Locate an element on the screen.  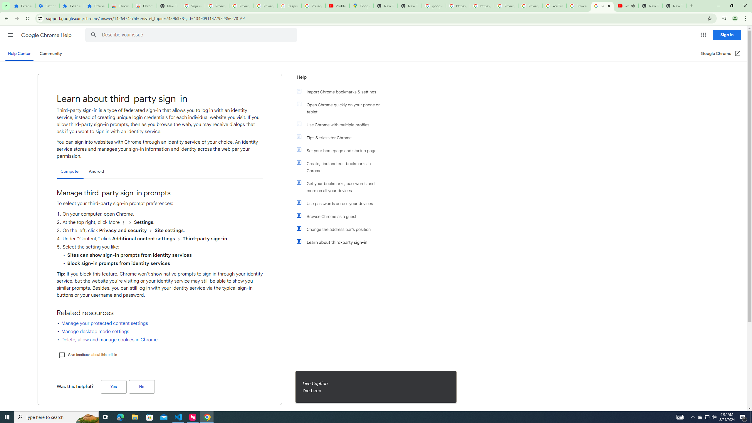
'Use Chrome with multiple profiles' is located at coordinates (341, 125).